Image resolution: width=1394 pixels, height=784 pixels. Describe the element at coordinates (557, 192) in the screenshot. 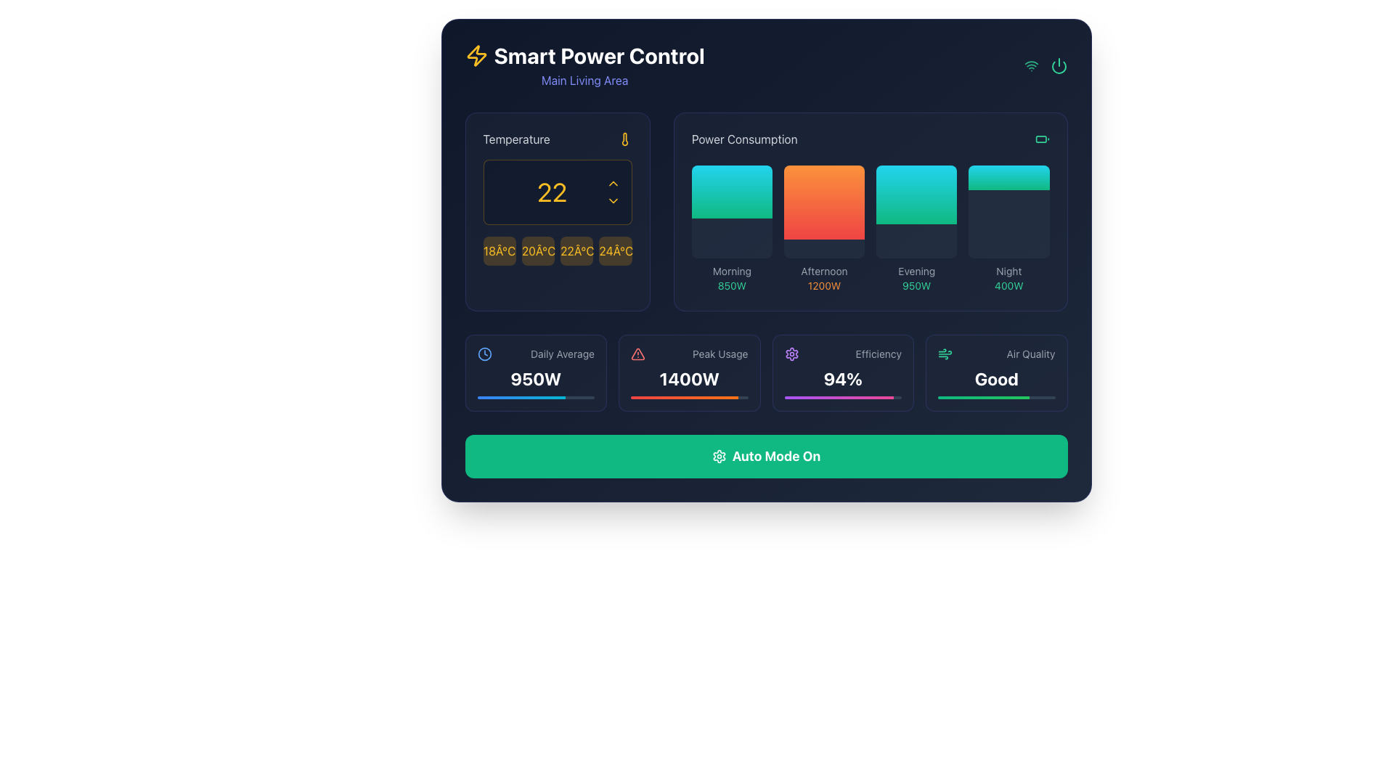

I see `the adjustable numeric input field for temperature adjustment, which is a dark rectangular box with a yellow number '22' and increment/decrement arrows, located above the temperature options` at that location.